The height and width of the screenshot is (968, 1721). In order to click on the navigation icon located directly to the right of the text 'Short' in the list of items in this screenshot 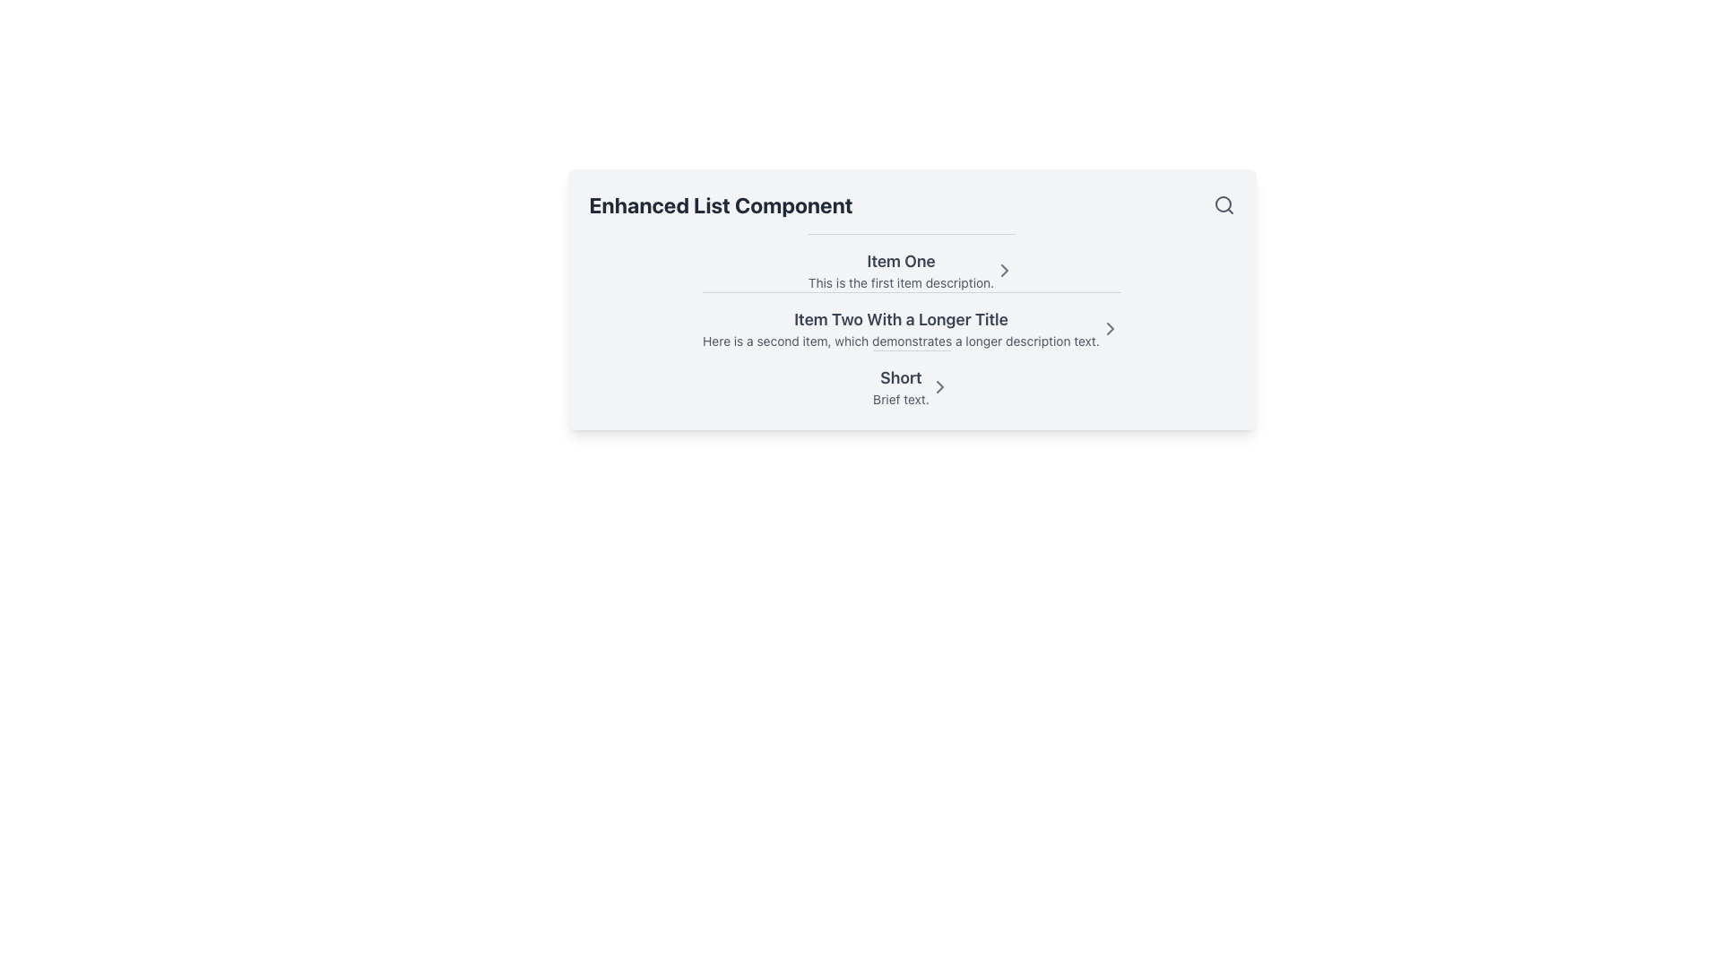, I will do `click(938, 386)`.